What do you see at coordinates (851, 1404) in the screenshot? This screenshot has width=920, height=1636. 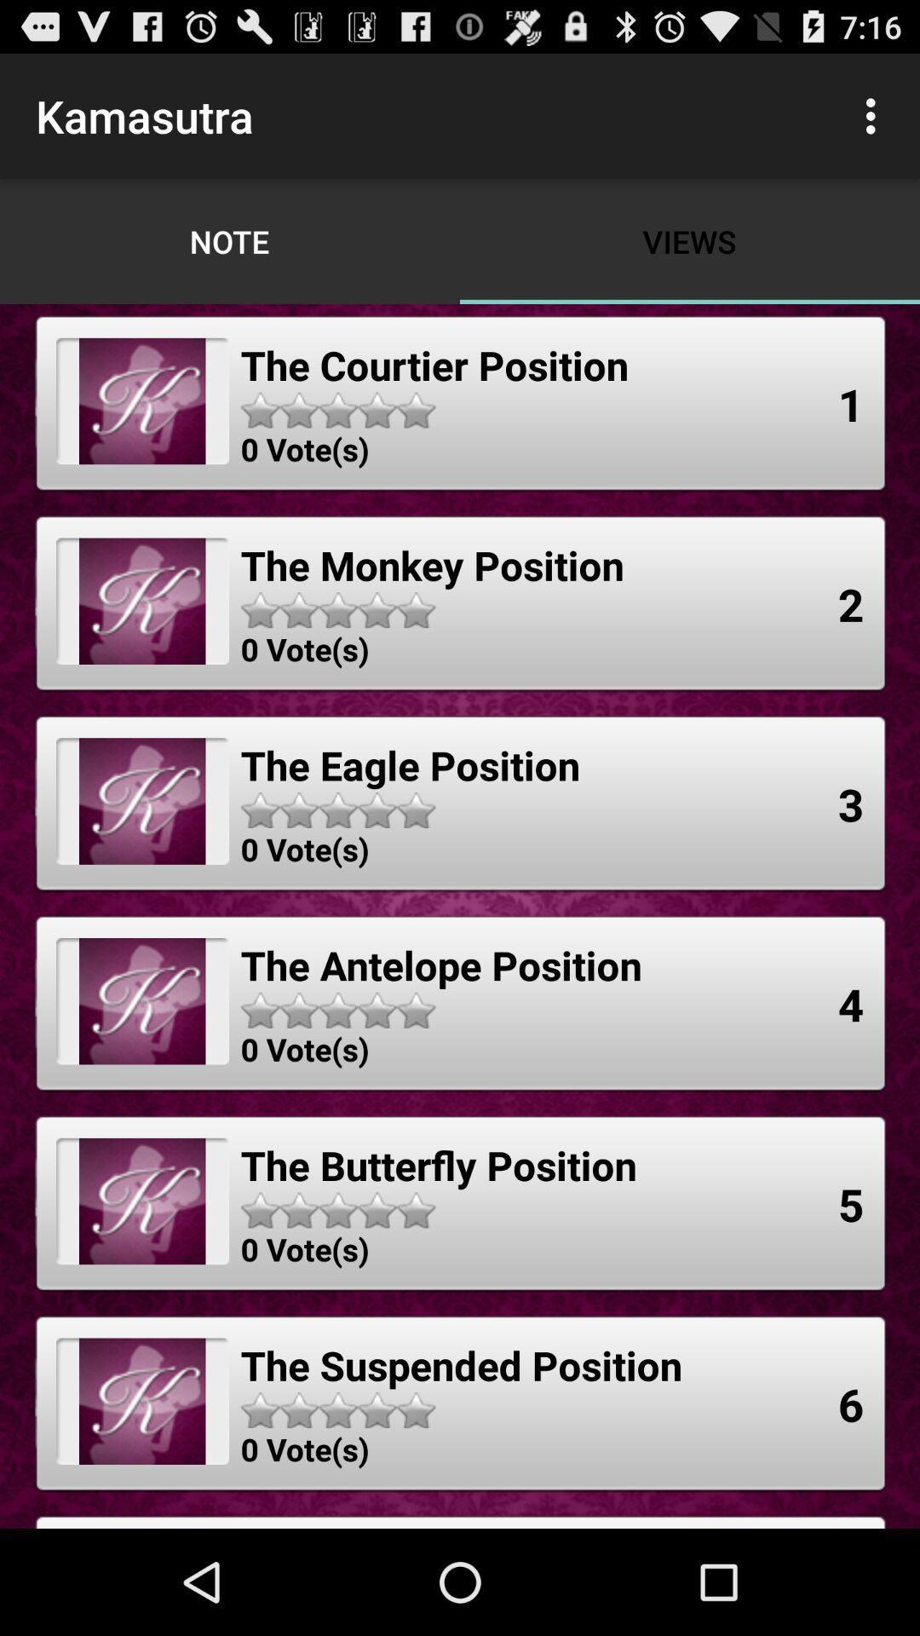 I see `icon to the right of the the suspended position item` at bounding box center [851, 1404].